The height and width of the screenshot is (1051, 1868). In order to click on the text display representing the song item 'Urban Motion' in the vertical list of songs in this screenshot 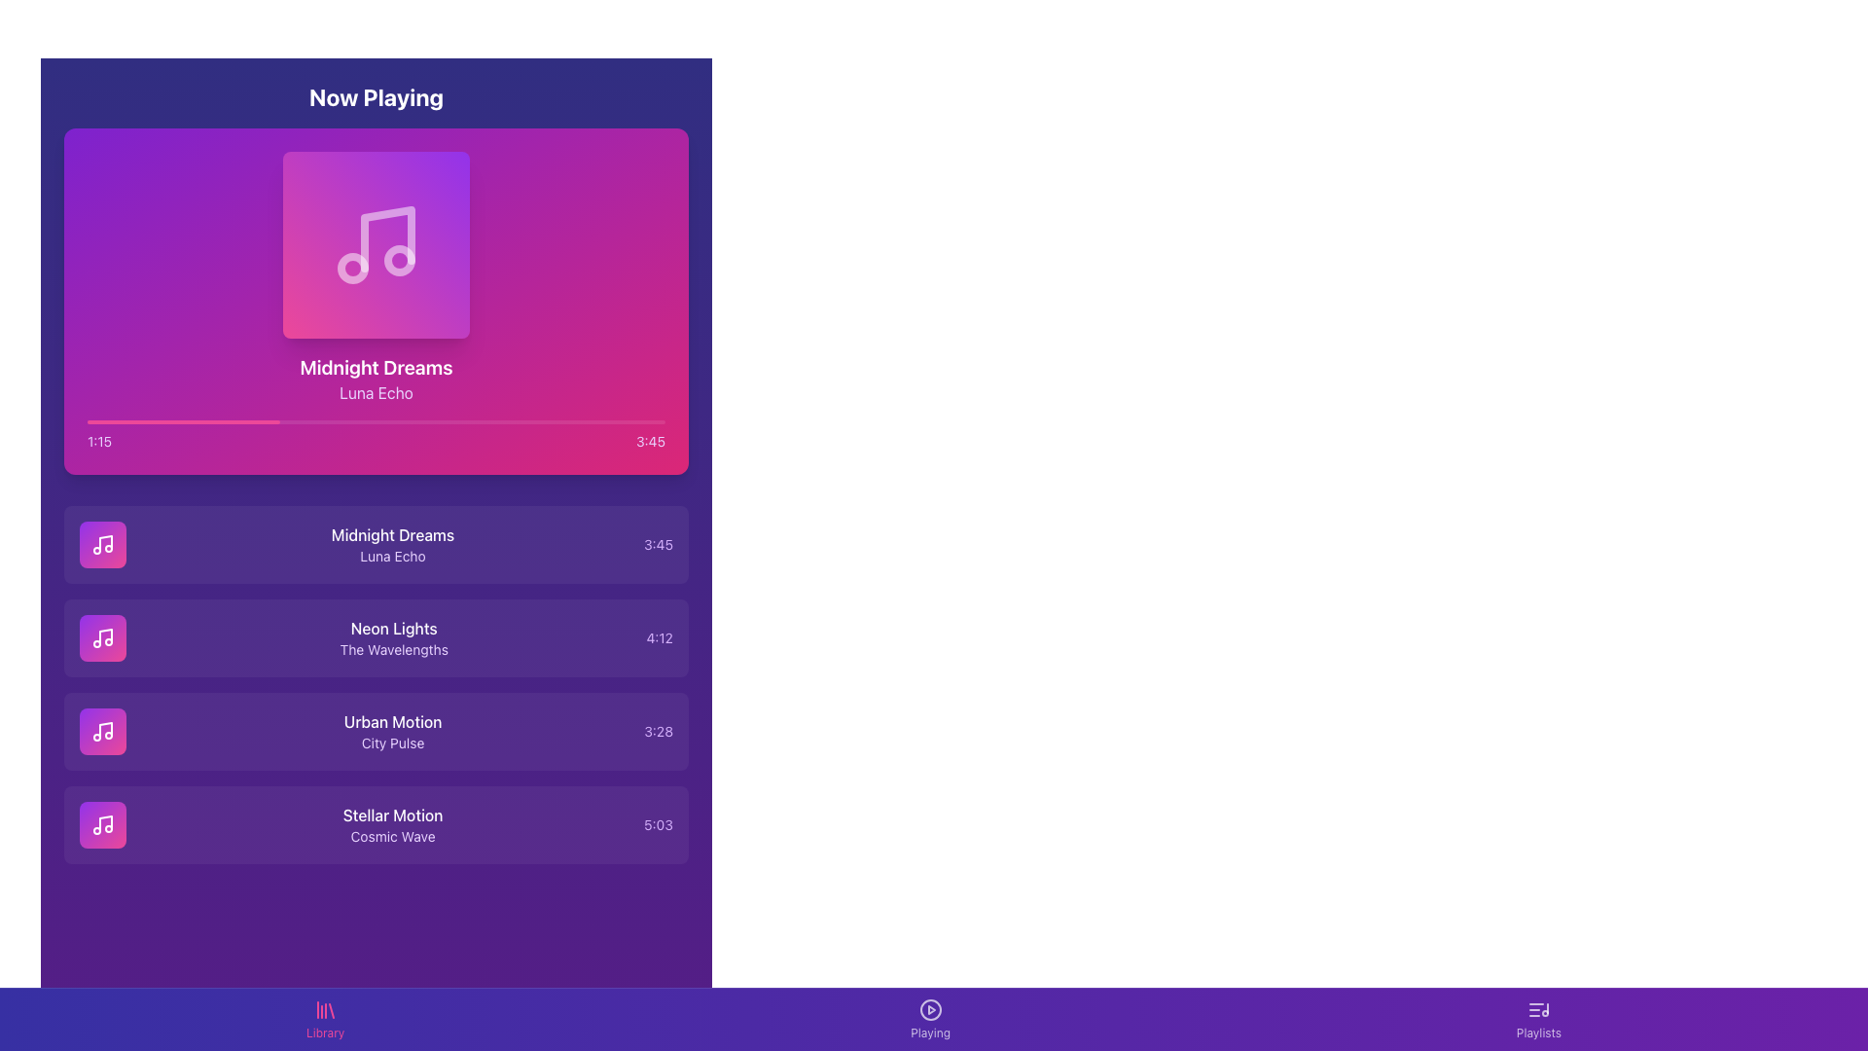, I will do `click(392, 732)`.